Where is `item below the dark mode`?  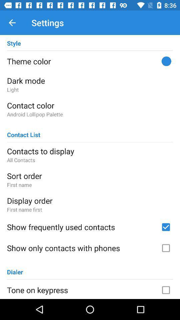 item below the dark mode is located at coordinates (90, 89).